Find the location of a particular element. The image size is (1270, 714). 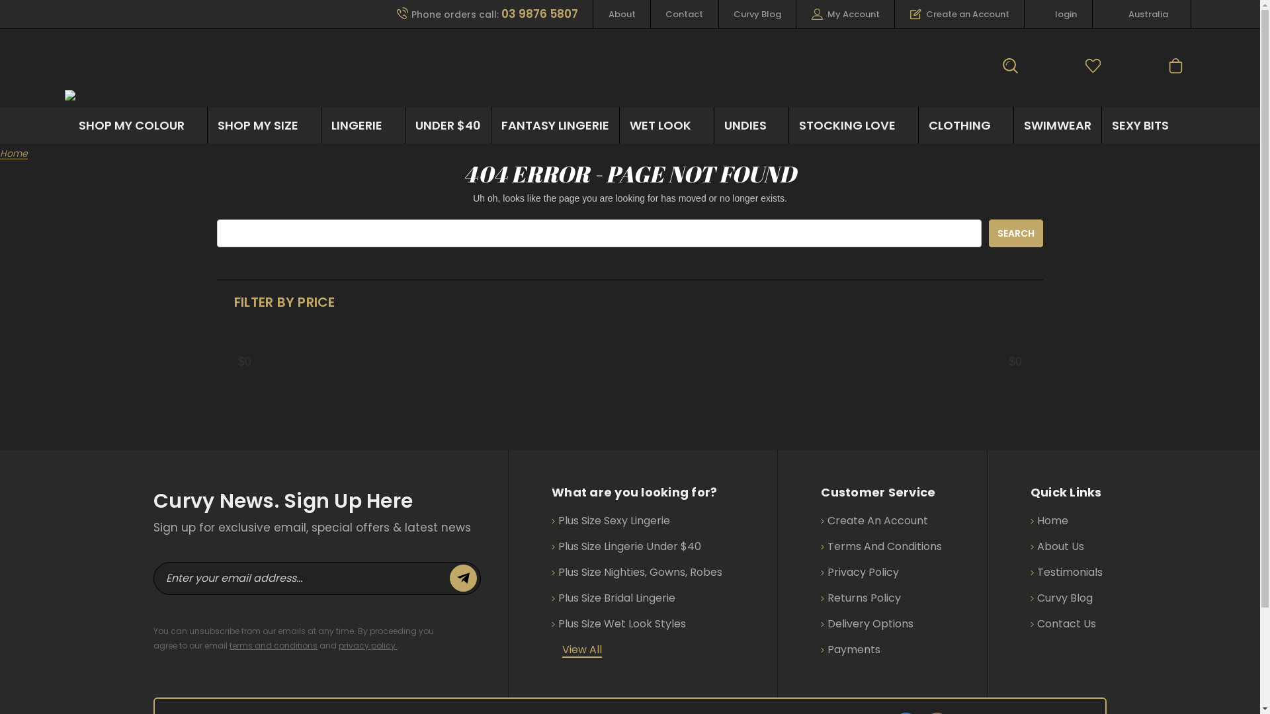

'About' is located at coordinates (621, 14).